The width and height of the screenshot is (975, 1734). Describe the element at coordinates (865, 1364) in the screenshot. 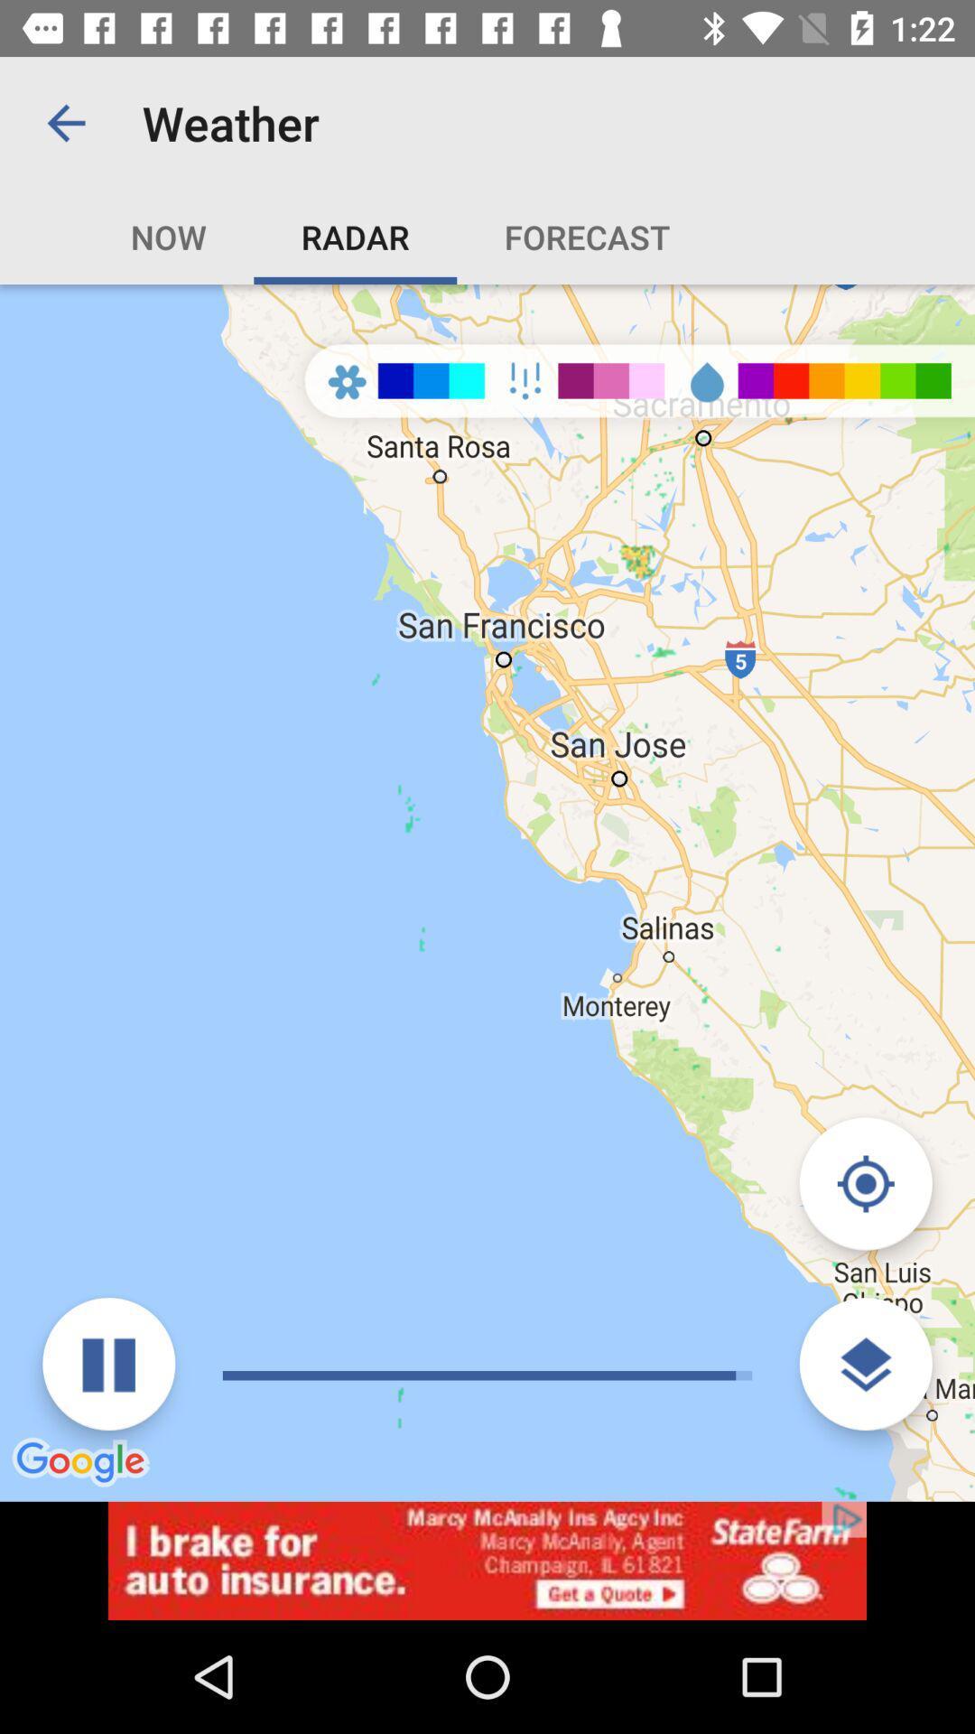

I see `see more options` at that location.